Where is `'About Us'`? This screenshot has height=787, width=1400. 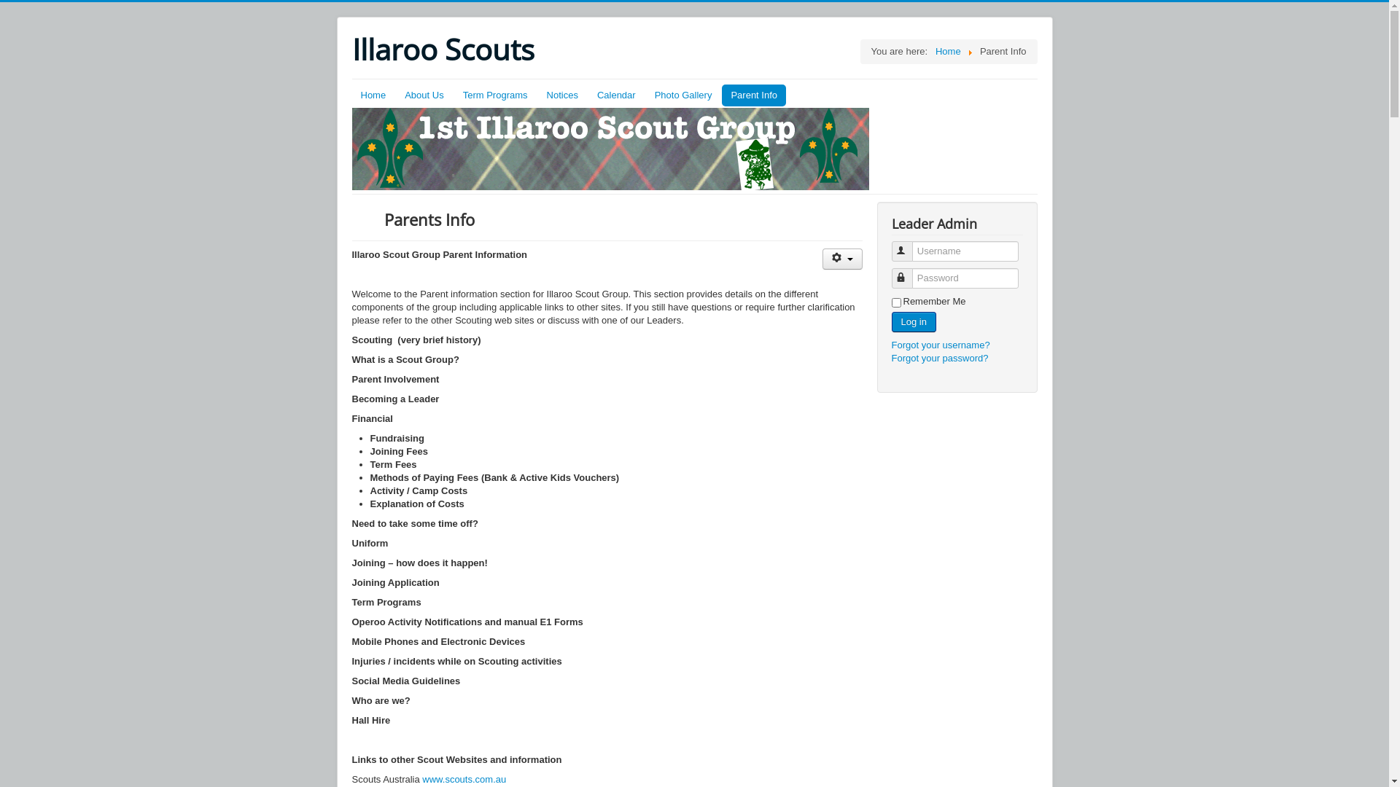
'About Us' is located at coordinates (423, 95).